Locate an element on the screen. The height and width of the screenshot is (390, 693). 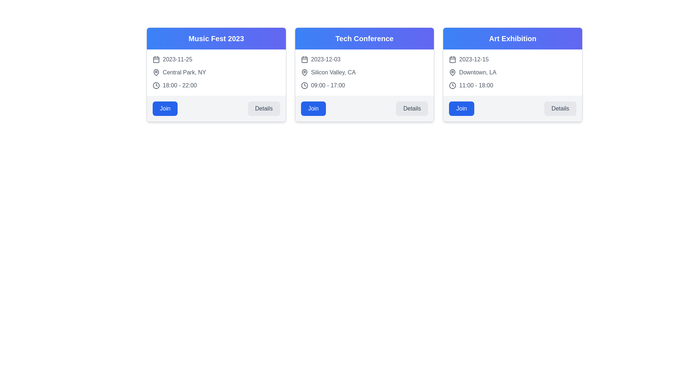
the calendar icon located to the left of the date '2023-12-03' in the 'Tech Conference' section is located at coordinates (304, 59).